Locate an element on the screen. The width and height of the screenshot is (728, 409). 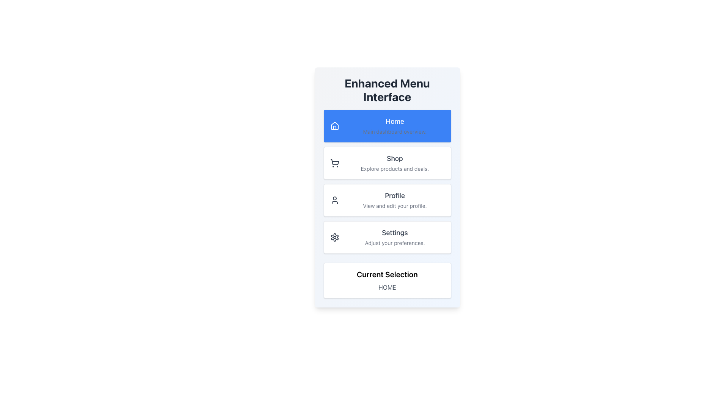
the 'Shop' text label in the menu, which serves as a title for this section, to indicate its purpose to the user is located at coordinates (394, 158).